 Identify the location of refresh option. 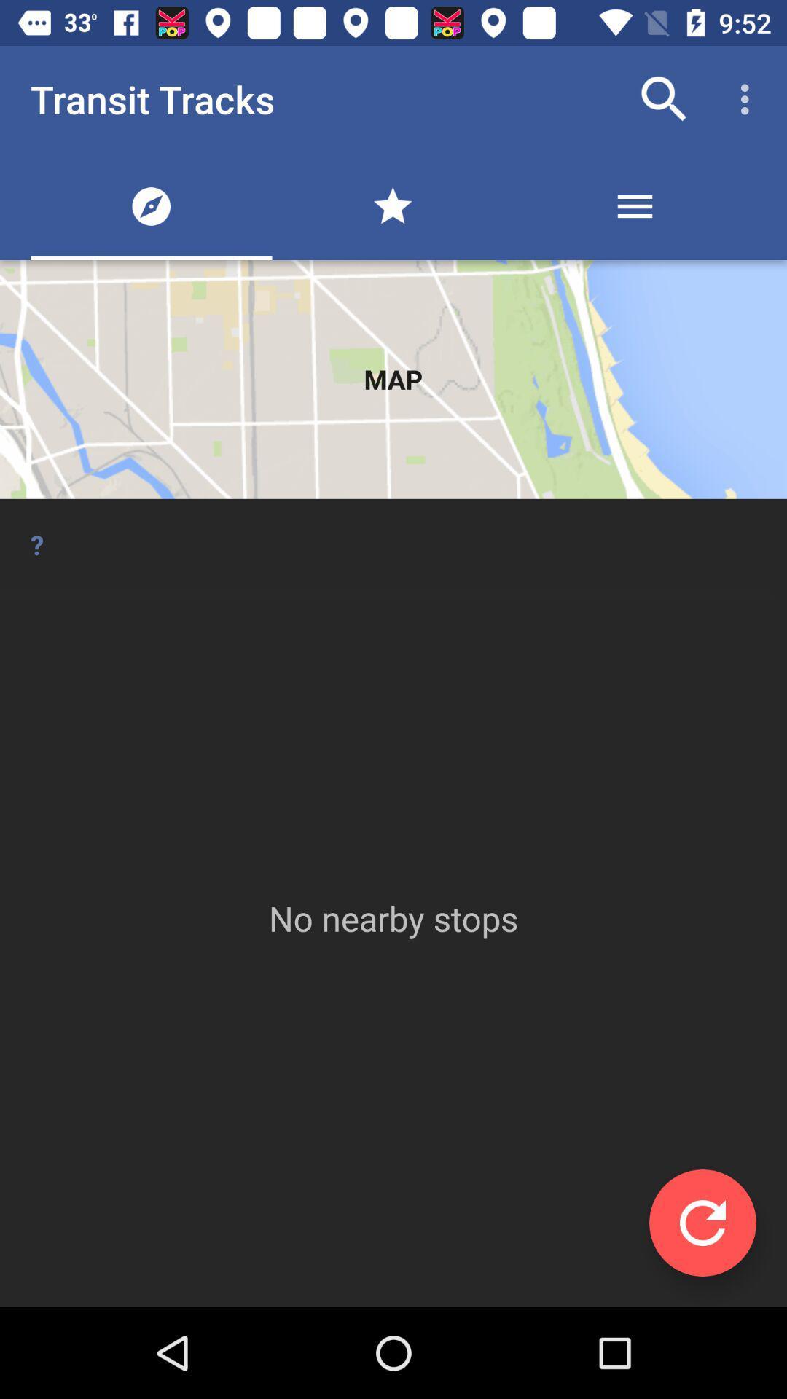
(702, 1223).